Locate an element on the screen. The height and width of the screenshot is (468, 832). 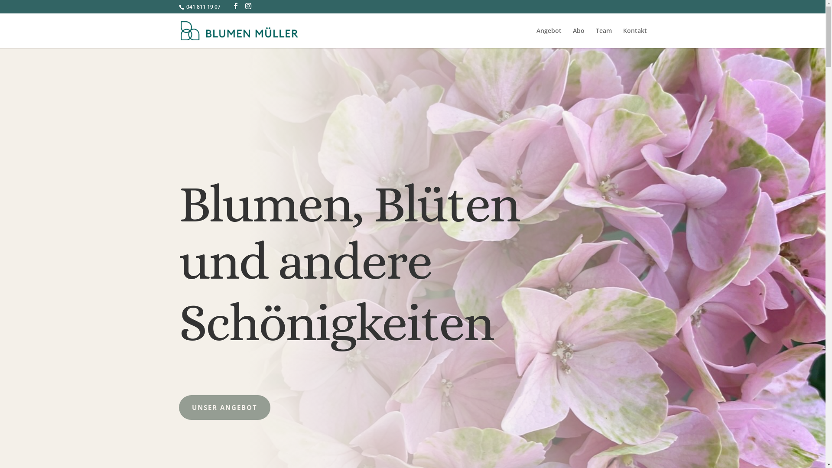
'Angebot' is located at coordinates (549, 37).